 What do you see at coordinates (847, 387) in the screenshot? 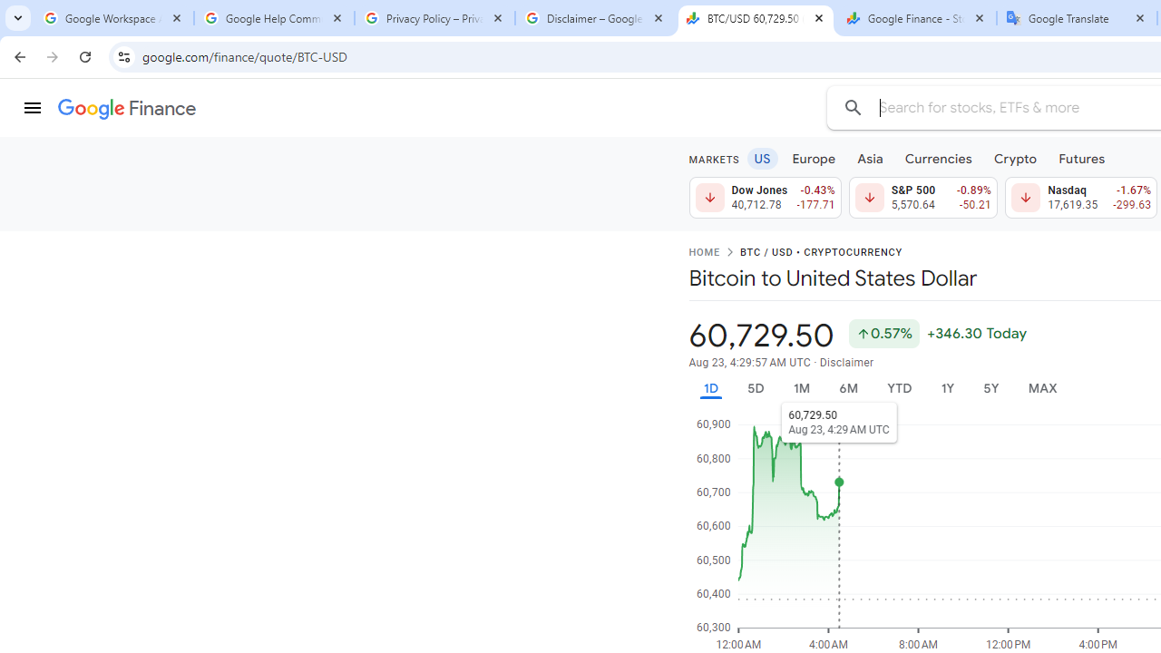
I see `'6M'` at bounding box center [847, 387].